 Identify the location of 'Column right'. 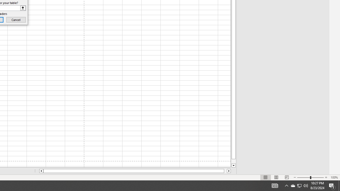
(229, 171).